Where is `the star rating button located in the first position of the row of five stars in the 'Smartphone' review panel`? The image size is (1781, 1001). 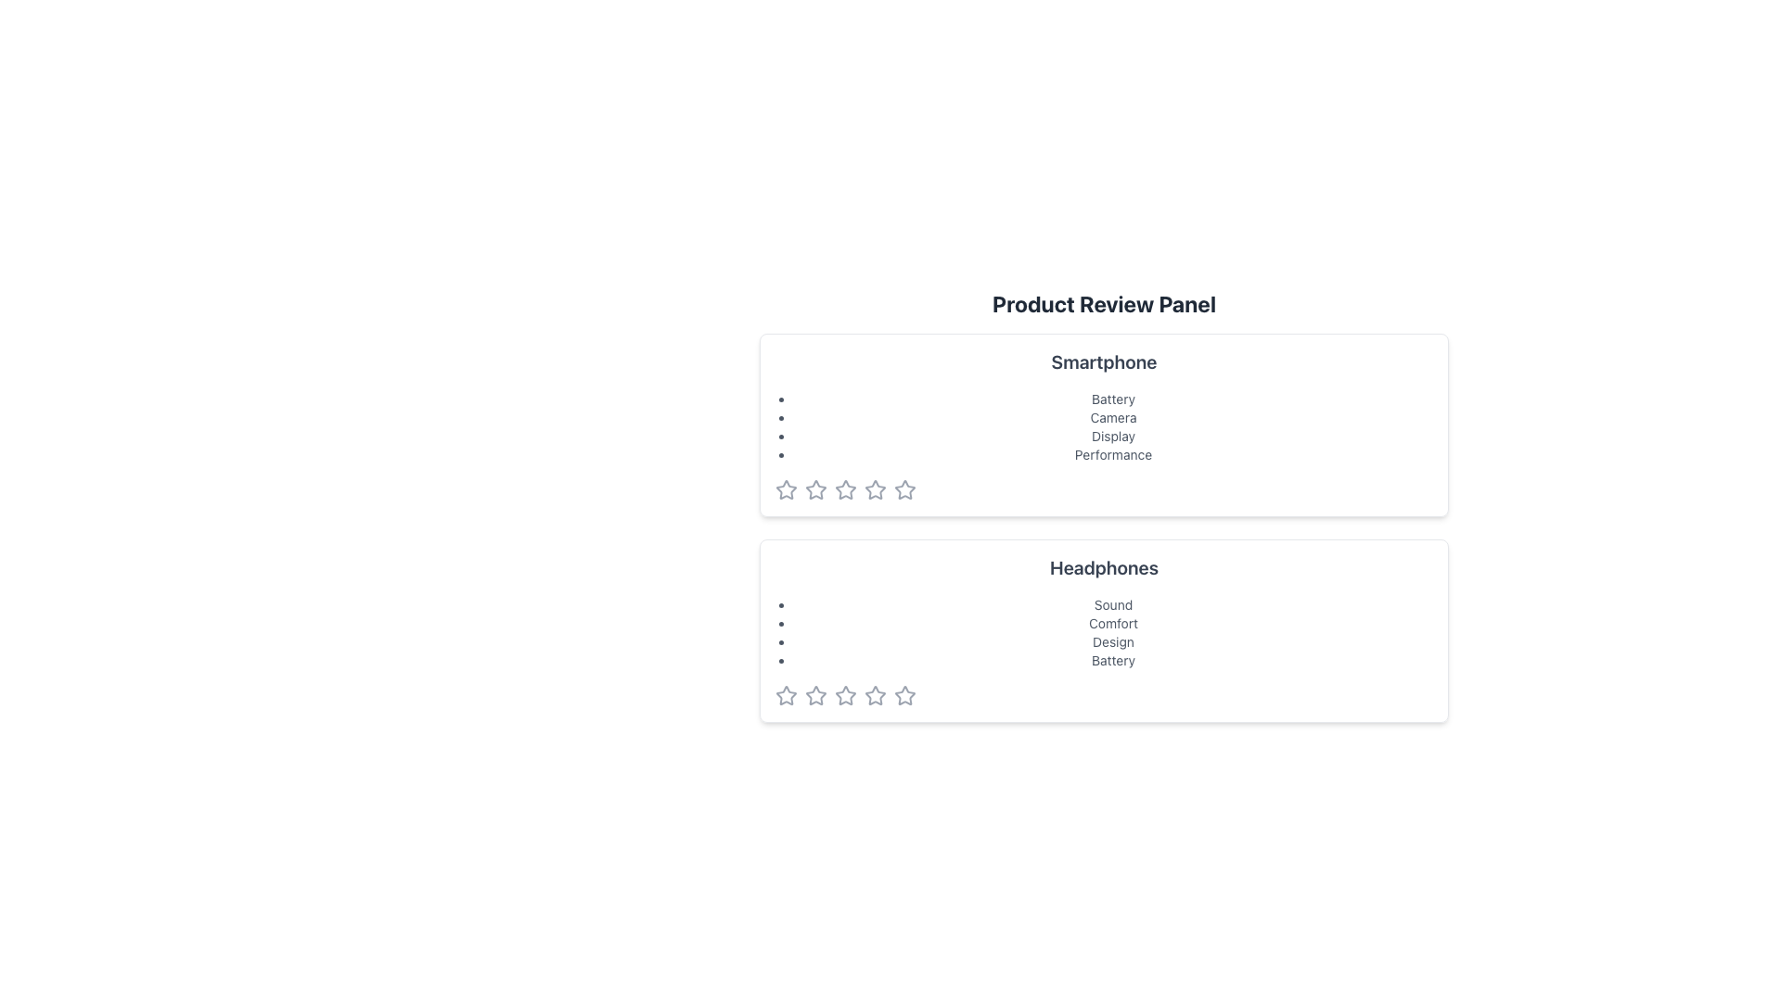 the star rating button located in the first position of the row of five stars in the 'Smartphone' review panel is located at coordinates (815, 488).